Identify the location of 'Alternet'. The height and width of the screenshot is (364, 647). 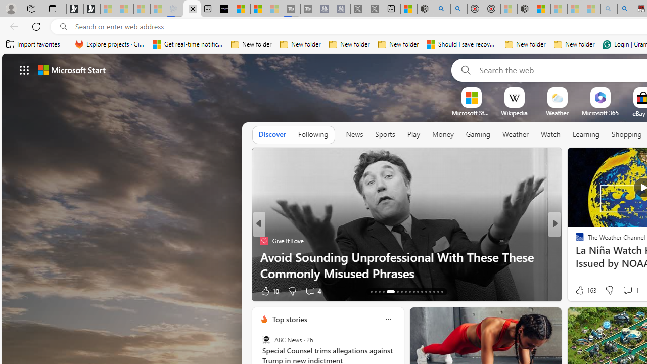
(575, 240).